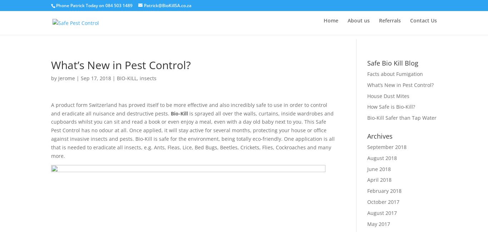 The image size is (488, 232). Describe the element at coordinates (168, 5) in the screenshot. I see `'Patrick@BioKillSA.co.za'` at that location.